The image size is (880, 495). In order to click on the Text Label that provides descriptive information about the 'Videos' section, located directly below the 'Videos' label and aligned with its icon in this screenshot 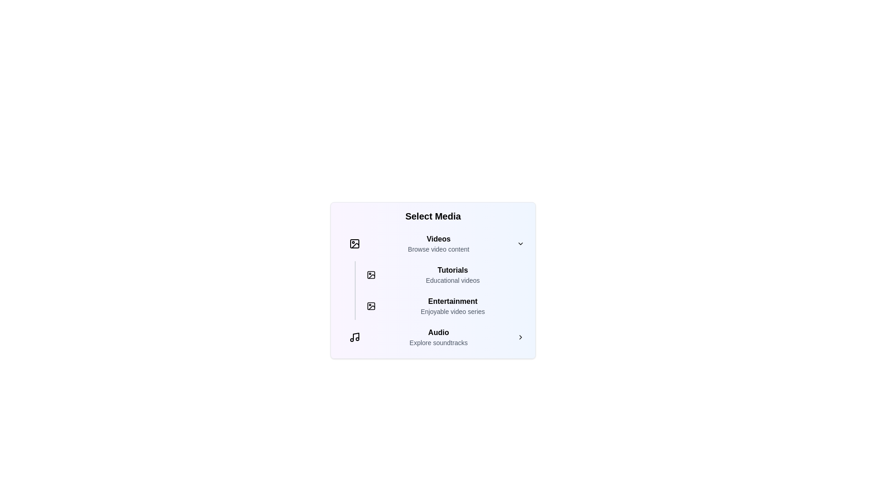, I will do `click(438, 249)`.